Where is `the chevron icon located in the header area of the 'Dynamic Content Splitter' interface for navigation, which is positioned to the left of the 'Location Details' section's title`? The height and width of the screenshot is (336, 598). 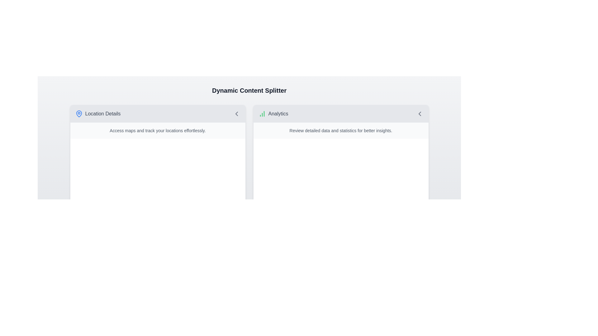 the chevron icon located in the header area of the 'Dynamic Content Splitter' interface for navigation, which is positioned to the left of the 'Location Details' section's title is located at coordinates (236, 114).